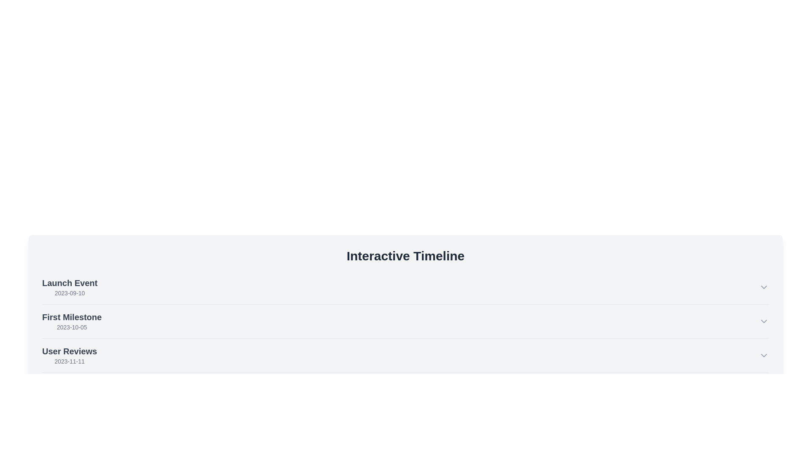  What do you see at coordinates (70, 292) in the screenshot?
I see `the text node displaying the date '2023-09-10', which is styled in a smaller font size and subdued gray color, located directly beneath the 'Launch Event' label` at bounding box center [70, 292].